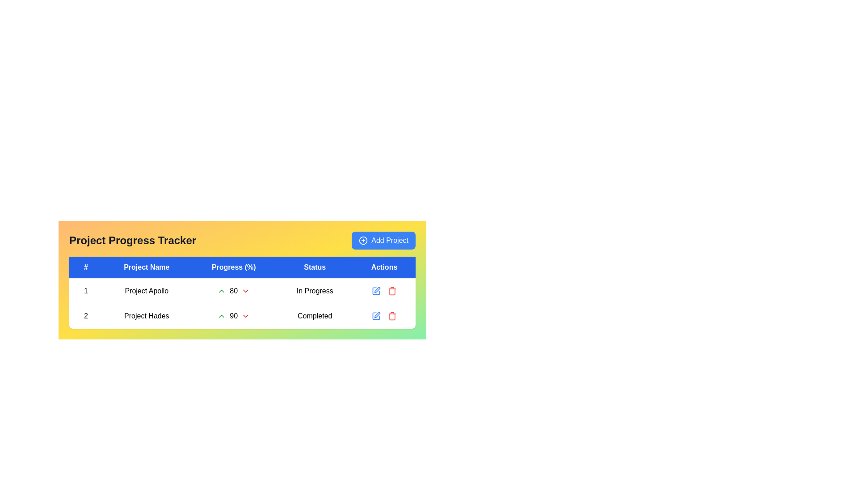 Image resolution: width=858 pixels, height=483 pixels. I want to click on the text label displaying the project name, located in the second row of the table under the 'Project Name' column in the 'Project Progress Tracker' interface, so click(147, 315).